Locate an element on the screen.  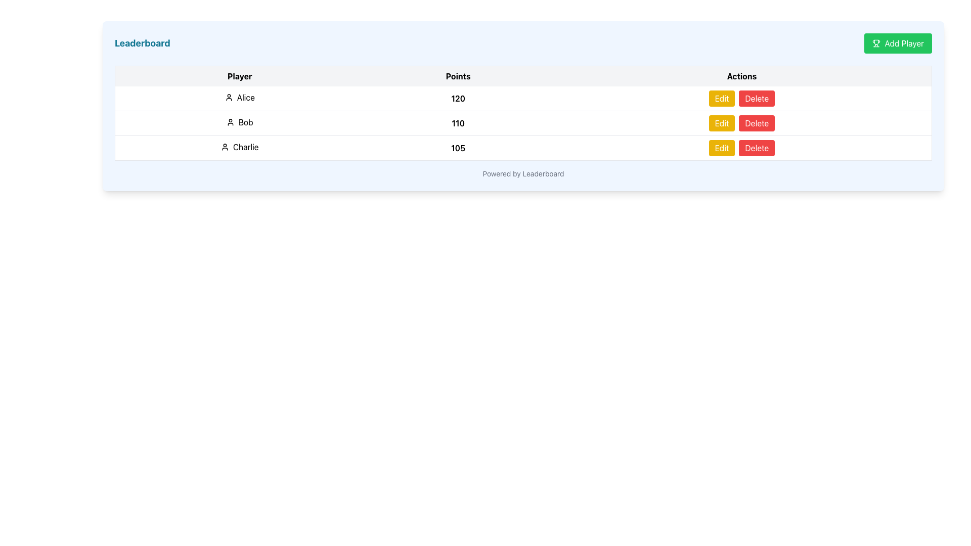
the second button in the Actions column of the table to change its color is located at coordinates (757, 99).